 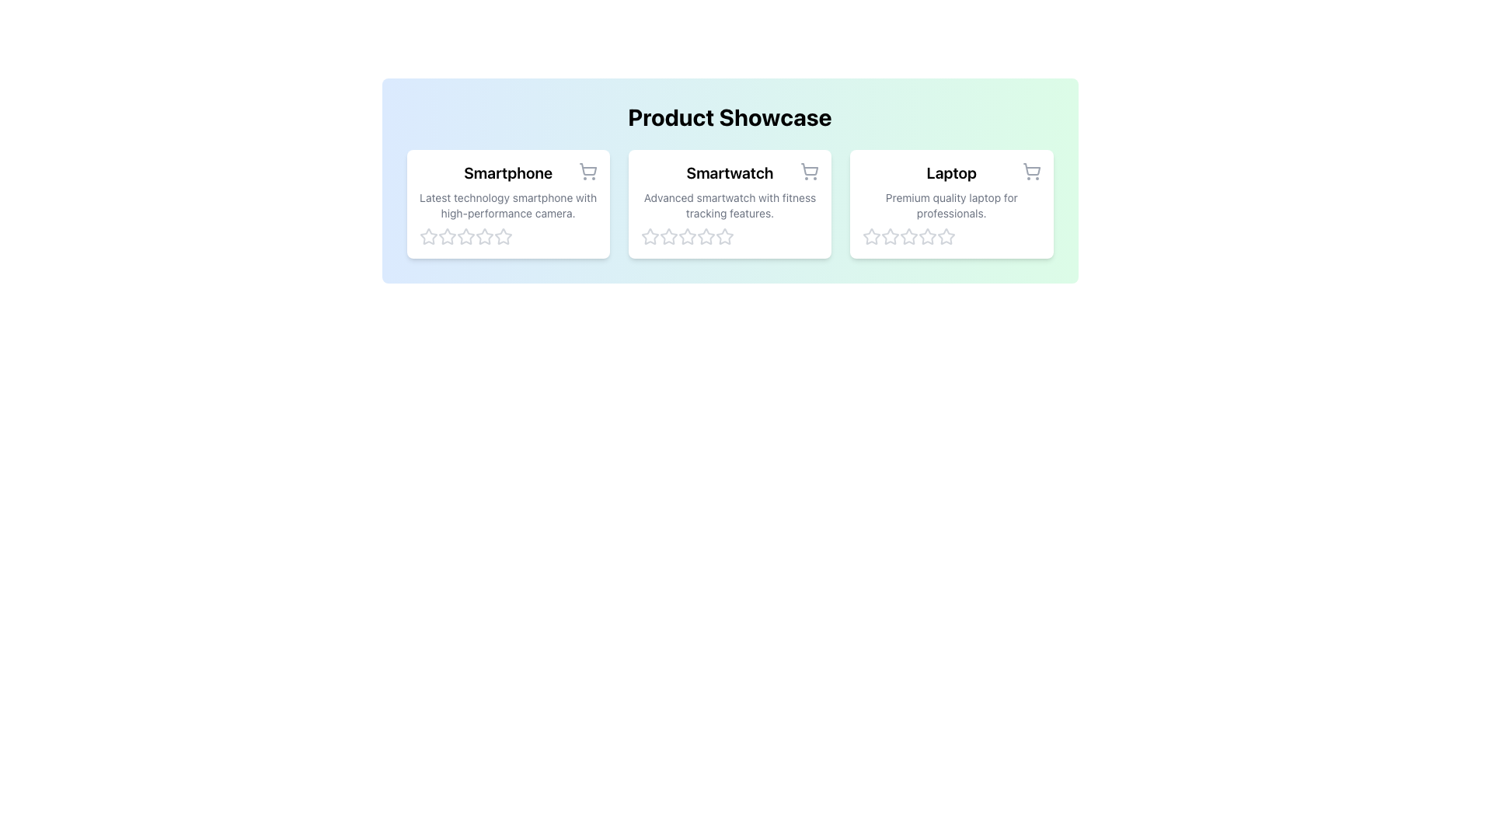 I want to click on the second star in the row of five interactive gray rating stars beneath the 'Smartphone' product card to rate it, so click(x=446, y=236).